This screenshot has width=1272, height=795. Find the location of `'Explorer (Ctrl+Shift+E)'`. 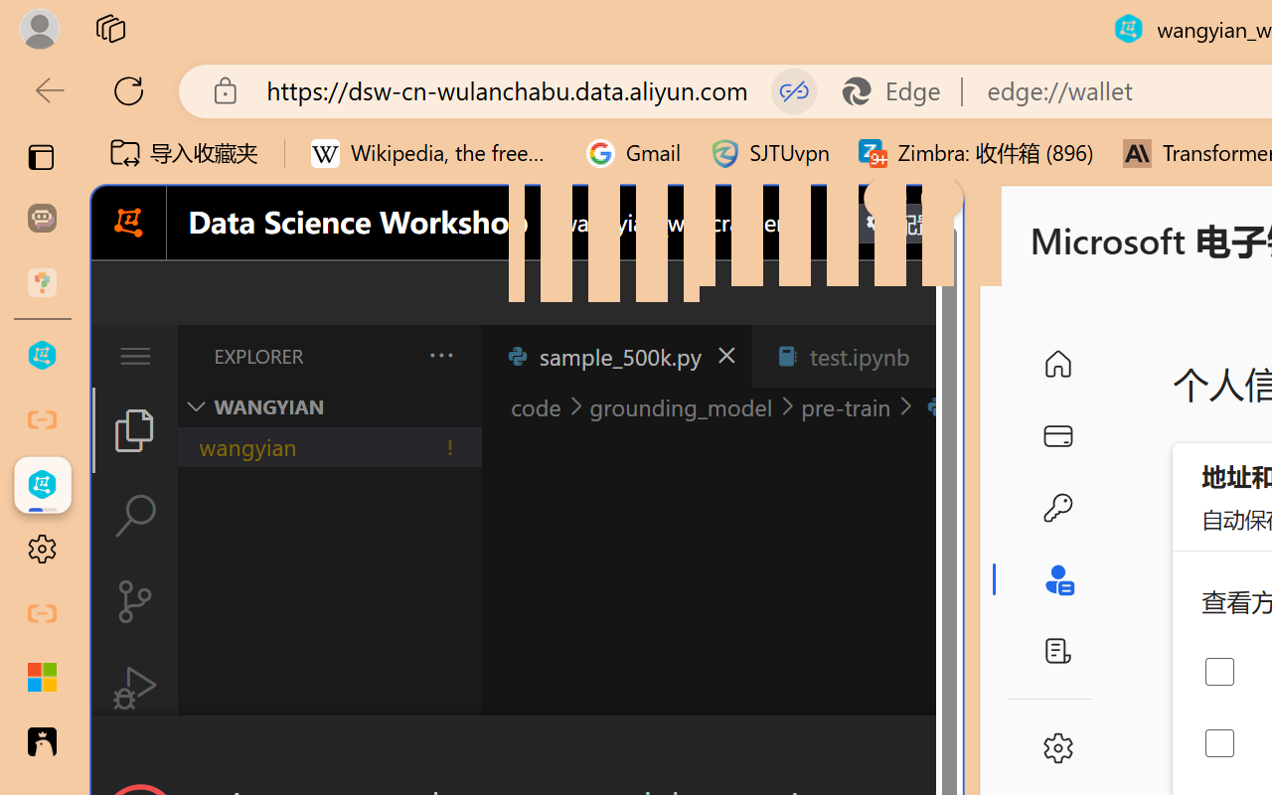

'Explorer (Ctrl+Shift+E)' is located at coordinates (133, 429).